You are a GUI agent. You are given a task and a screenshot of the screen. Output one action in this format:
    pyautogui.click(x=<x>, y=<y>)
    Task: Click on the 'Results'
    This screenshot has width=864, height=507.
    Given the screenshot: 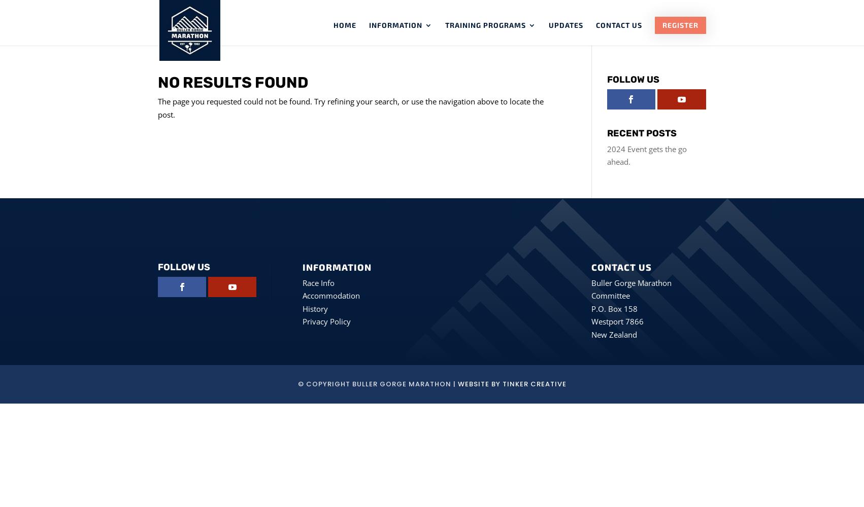 What is the action you would take?
    pyautogui.click(x=388, y=128)
    